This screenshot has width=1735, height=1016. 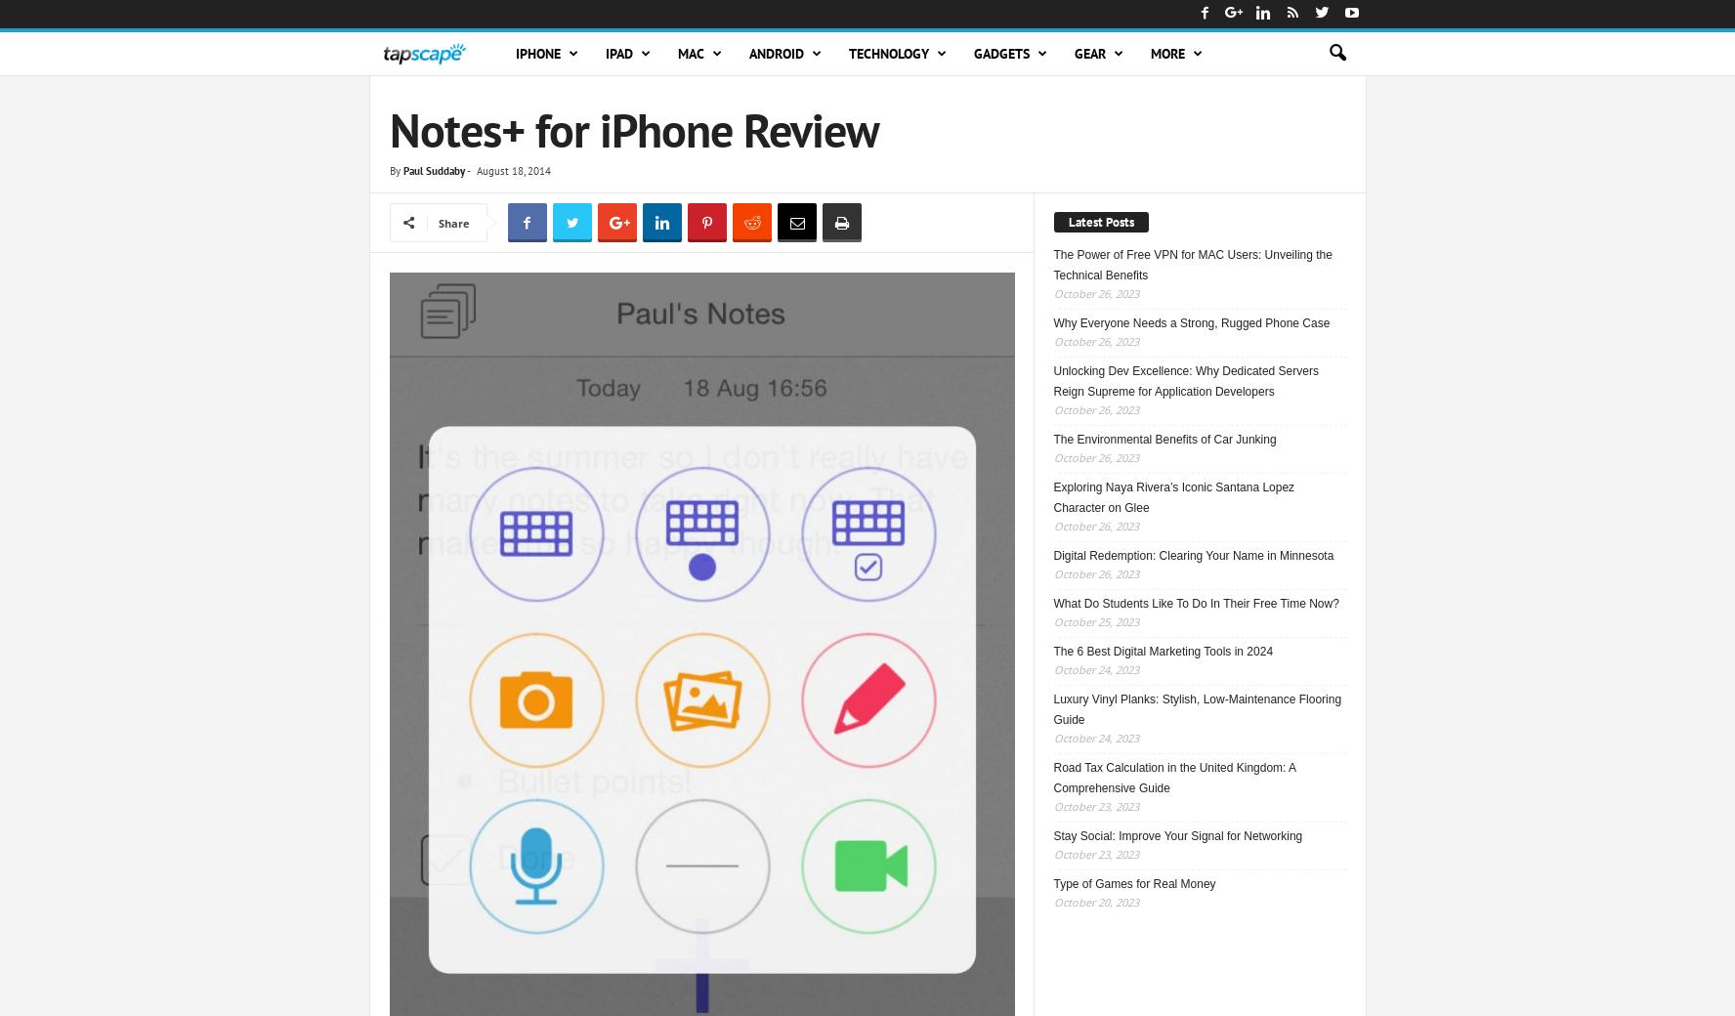 What do you see at coordinates (394, 169) in the screenshot?
I see `'By'` at bounding box center [394, 169].